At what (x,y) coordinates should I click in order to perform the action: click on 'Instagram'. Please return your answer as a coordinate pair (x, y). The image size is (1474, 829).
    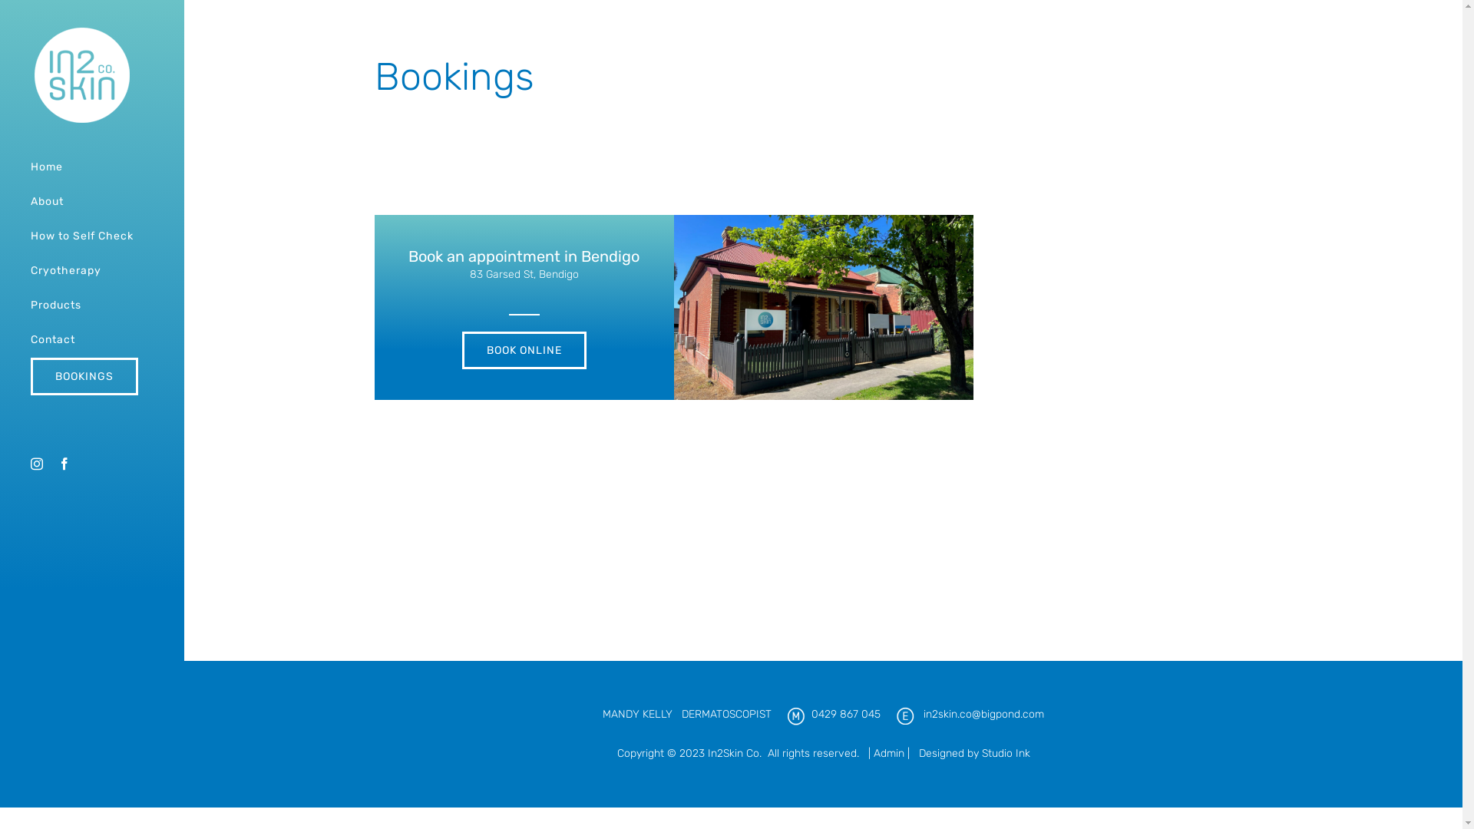
    Looking at the image, I should click on (30, 463).